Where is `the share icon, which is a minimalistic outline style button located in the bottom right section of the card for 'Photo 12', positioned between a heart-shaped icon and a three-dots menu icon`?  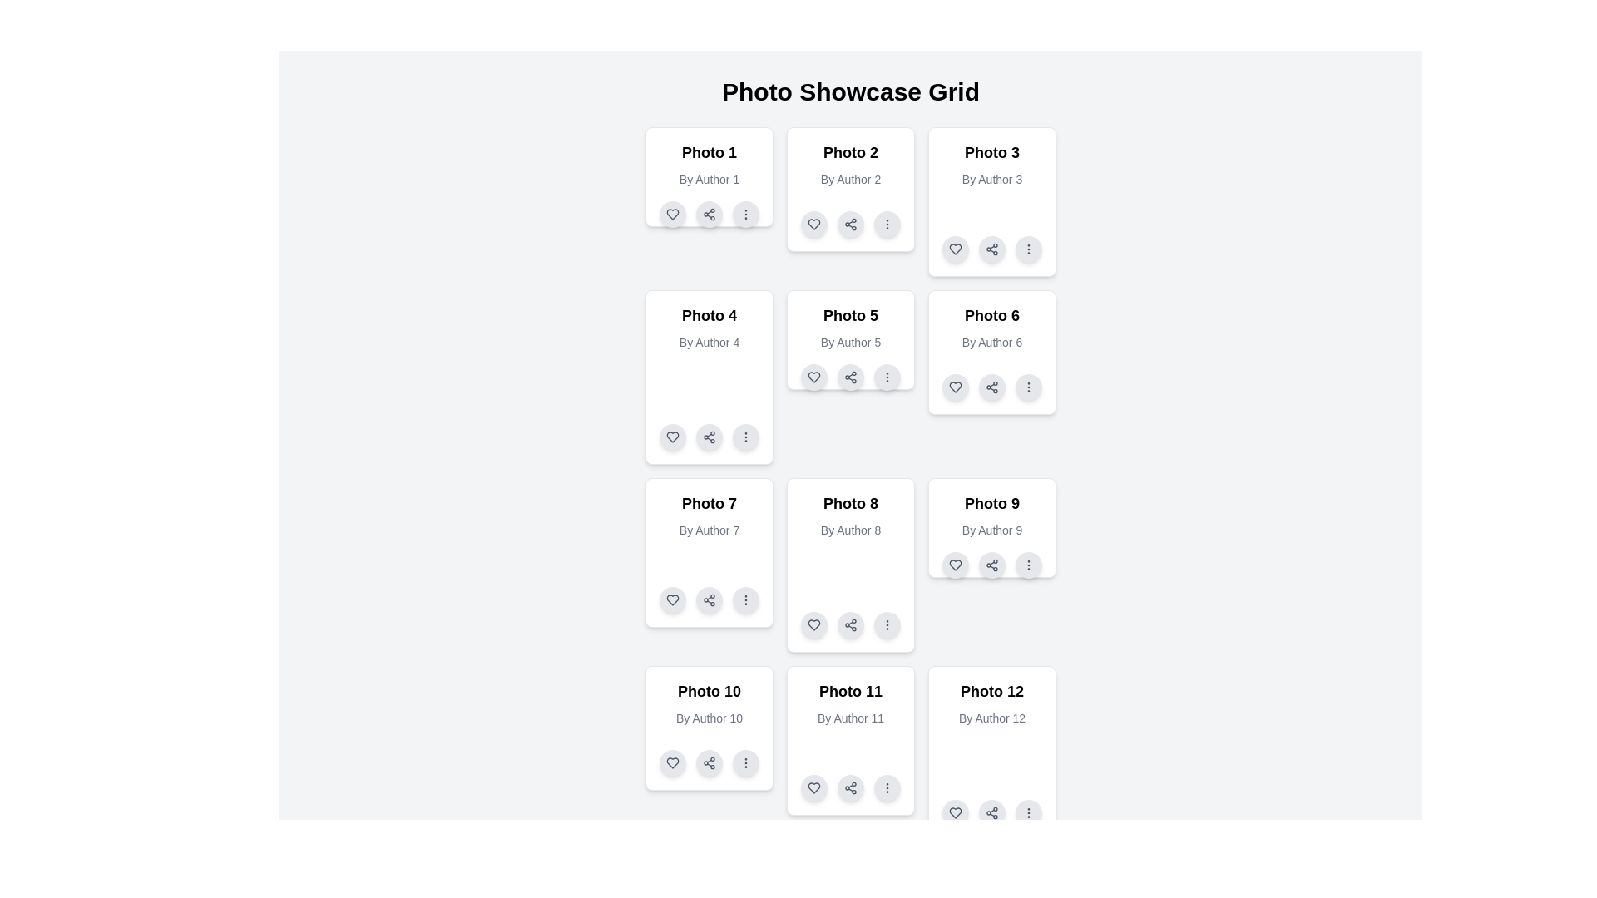
the share icon, which is a minimalistic outline style button located in the bottom right section of the card for 'Photo 12', positioned between a heart-shaped icon and a three-dots menu icon is located at coordinates (992, 812).